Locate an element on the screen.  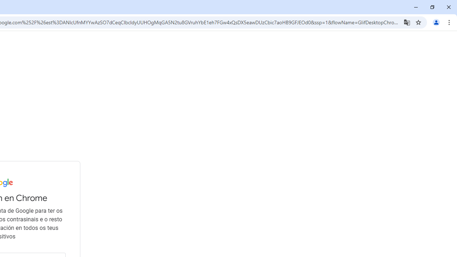
'Translate this page' is located at coordinates (407, 22).